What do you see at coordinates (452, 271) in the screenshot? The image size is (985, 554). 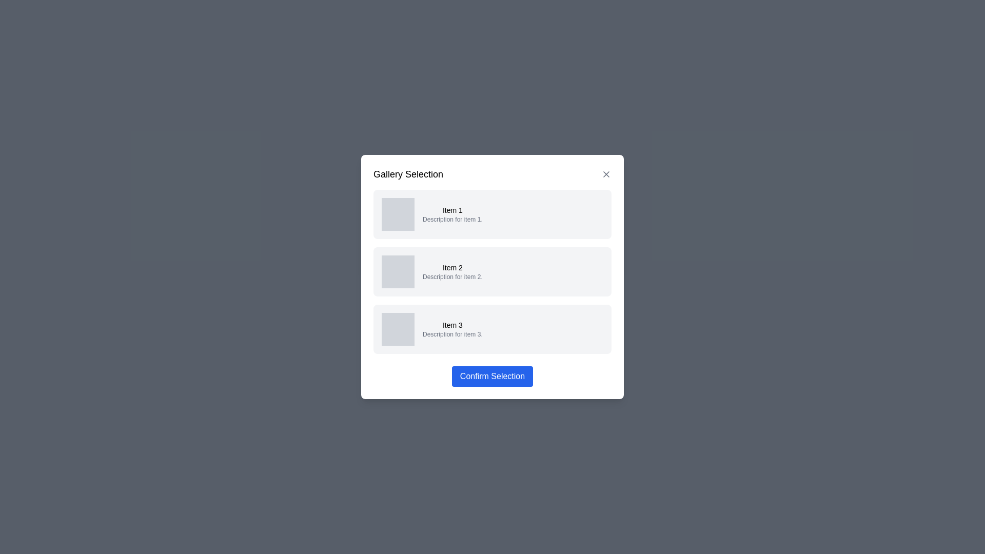 I see `the text label that serves as a descriptor for the second item in the selection list, positioned centrally in its card` at bounding box center [452, 271].